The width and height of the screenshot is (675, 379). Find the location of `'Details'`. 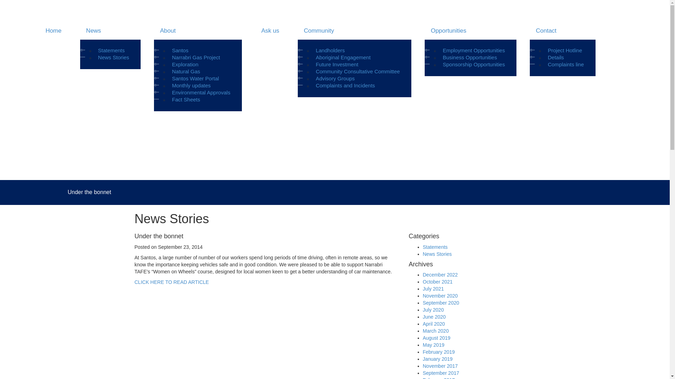

'Details' is located at coordinates (555, 57).